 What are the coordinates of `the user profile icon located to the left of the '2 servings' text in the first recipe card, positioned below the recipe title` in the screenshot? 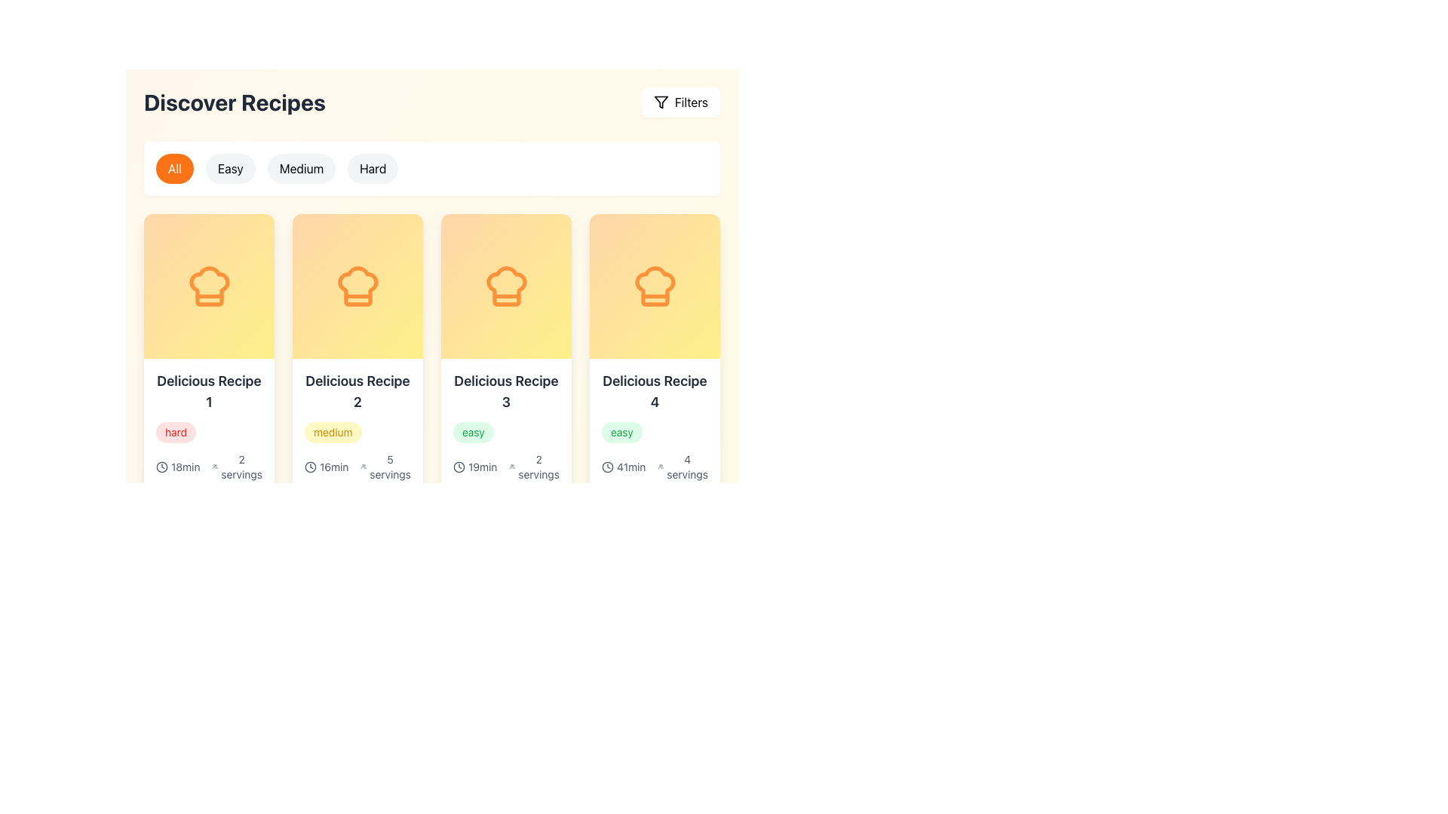 It's located at (214, 467).